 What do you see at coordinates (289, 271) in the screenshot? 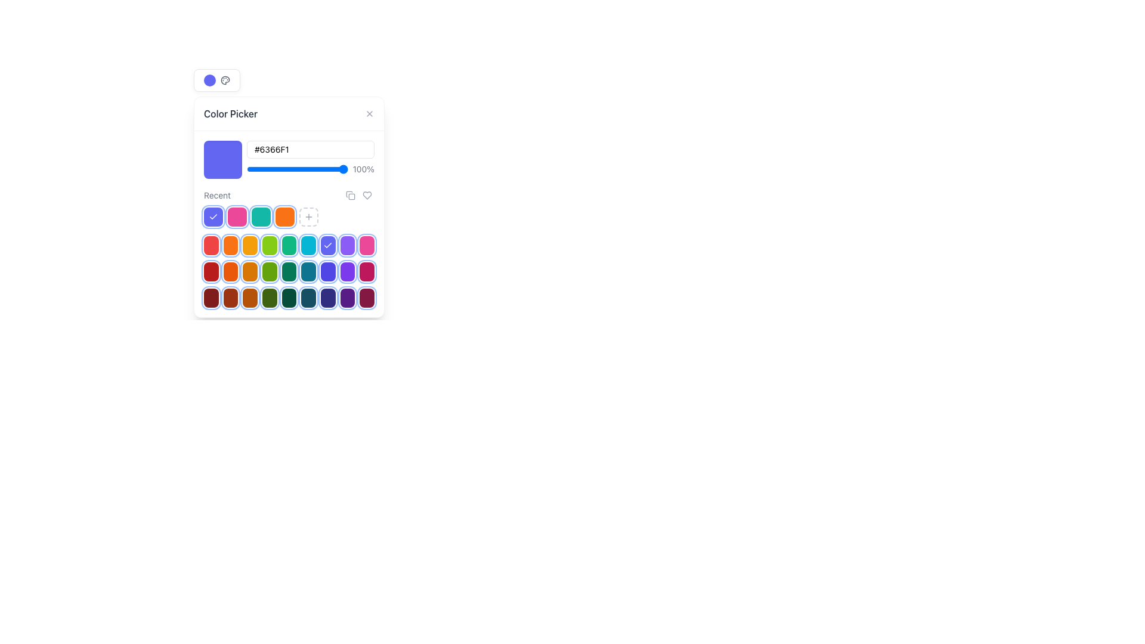
I see `the fifth green button with rounded corners in the color picker interface` at bounding box center [289, 271].